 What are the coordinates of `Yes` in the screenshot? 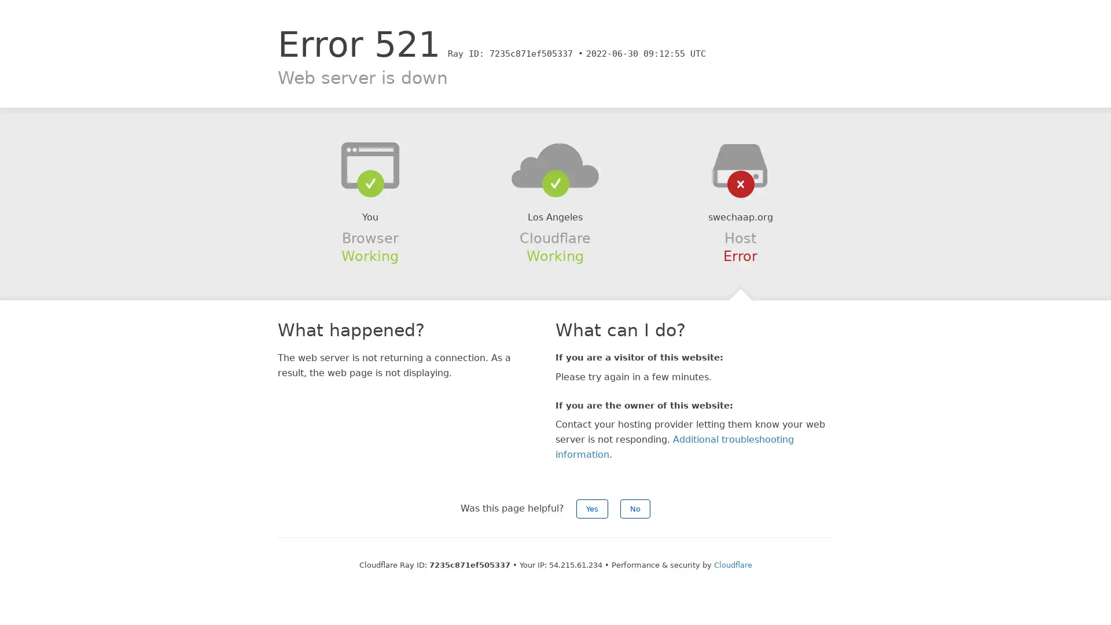 It's located at (592, 508).